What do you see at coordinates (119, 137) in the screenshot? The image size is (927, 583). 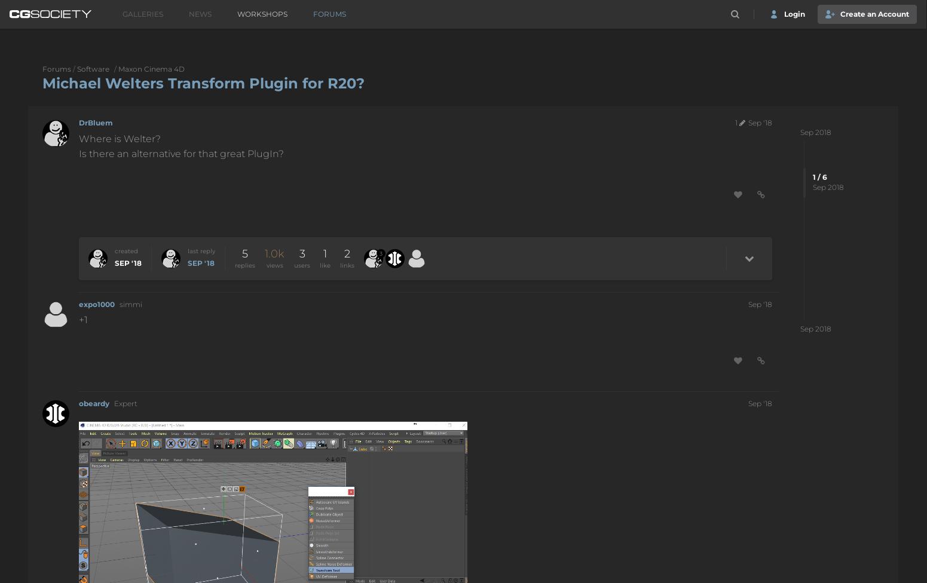 I see `'Where is Welter?'` at bounding box center [119, 137].